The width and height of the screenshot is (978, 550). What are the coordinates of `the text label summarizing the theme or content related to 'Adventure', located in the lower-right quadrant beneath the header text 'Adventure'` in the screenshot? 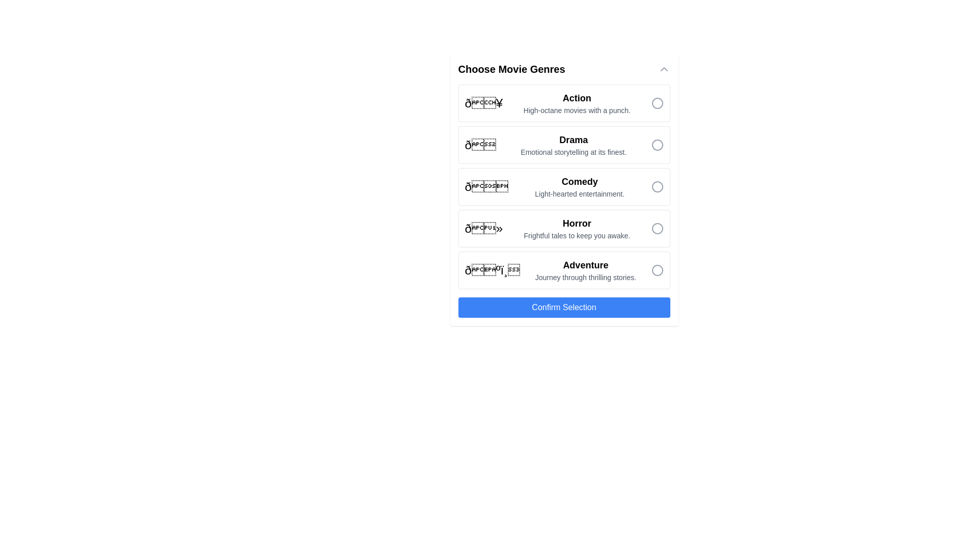 It's located at (585, 277).